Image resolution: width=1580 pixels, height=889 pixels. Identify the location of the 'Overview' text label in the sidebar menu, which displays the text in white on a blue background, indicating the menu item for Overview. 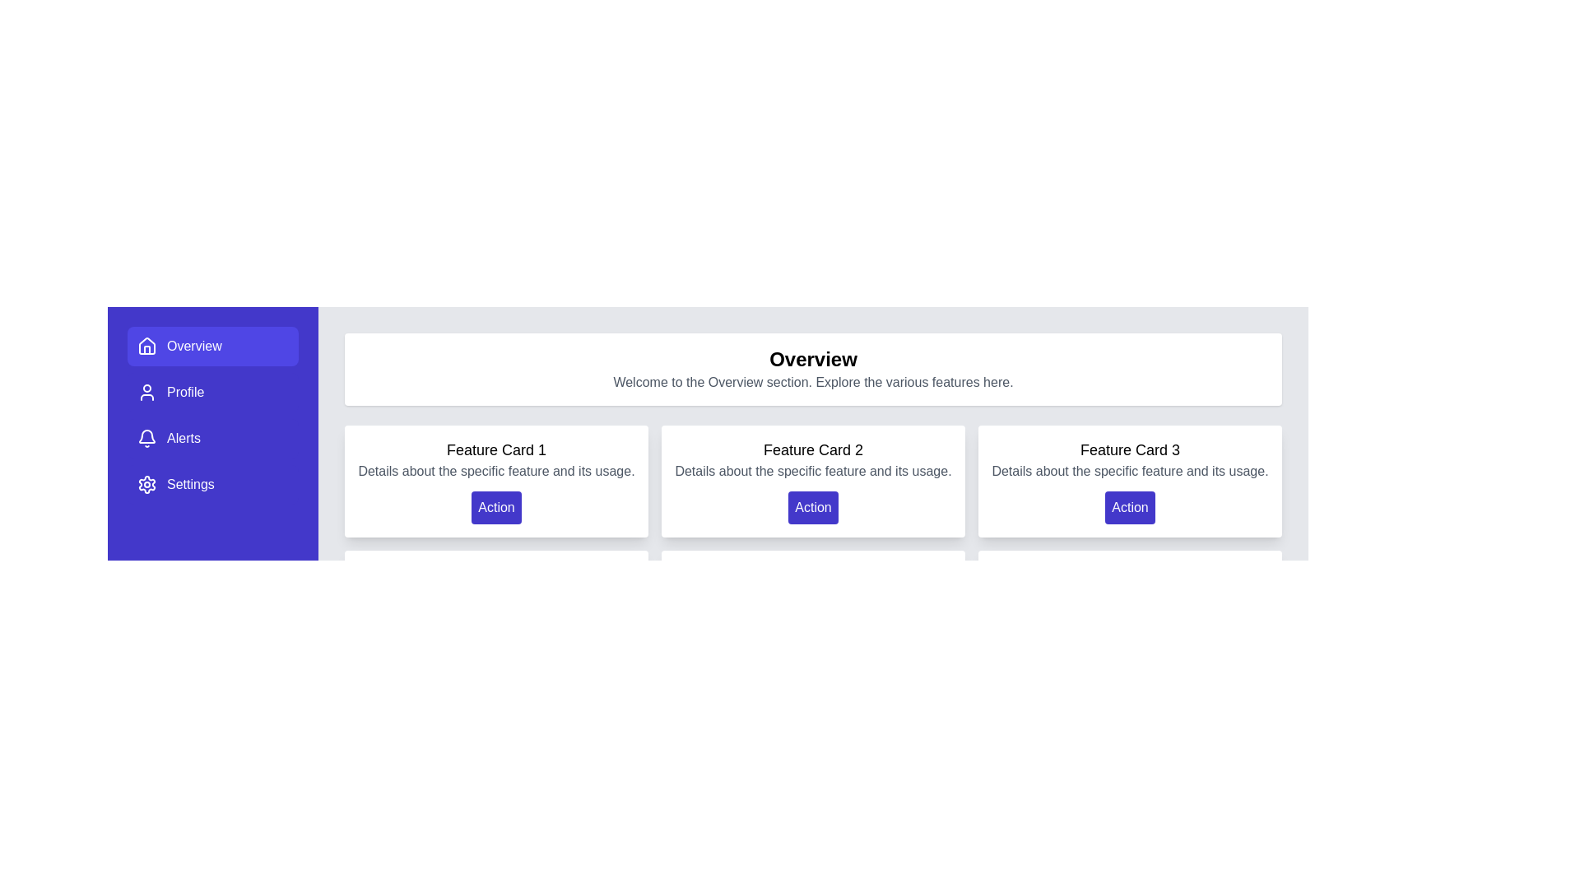
(194, 345).